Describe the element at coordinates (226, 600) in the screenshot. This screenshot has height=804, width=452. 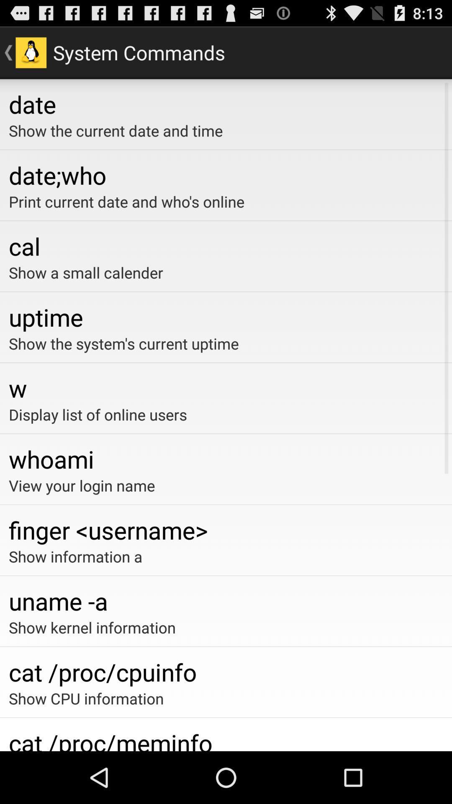
I see `the app above show kernel information app` at that location.